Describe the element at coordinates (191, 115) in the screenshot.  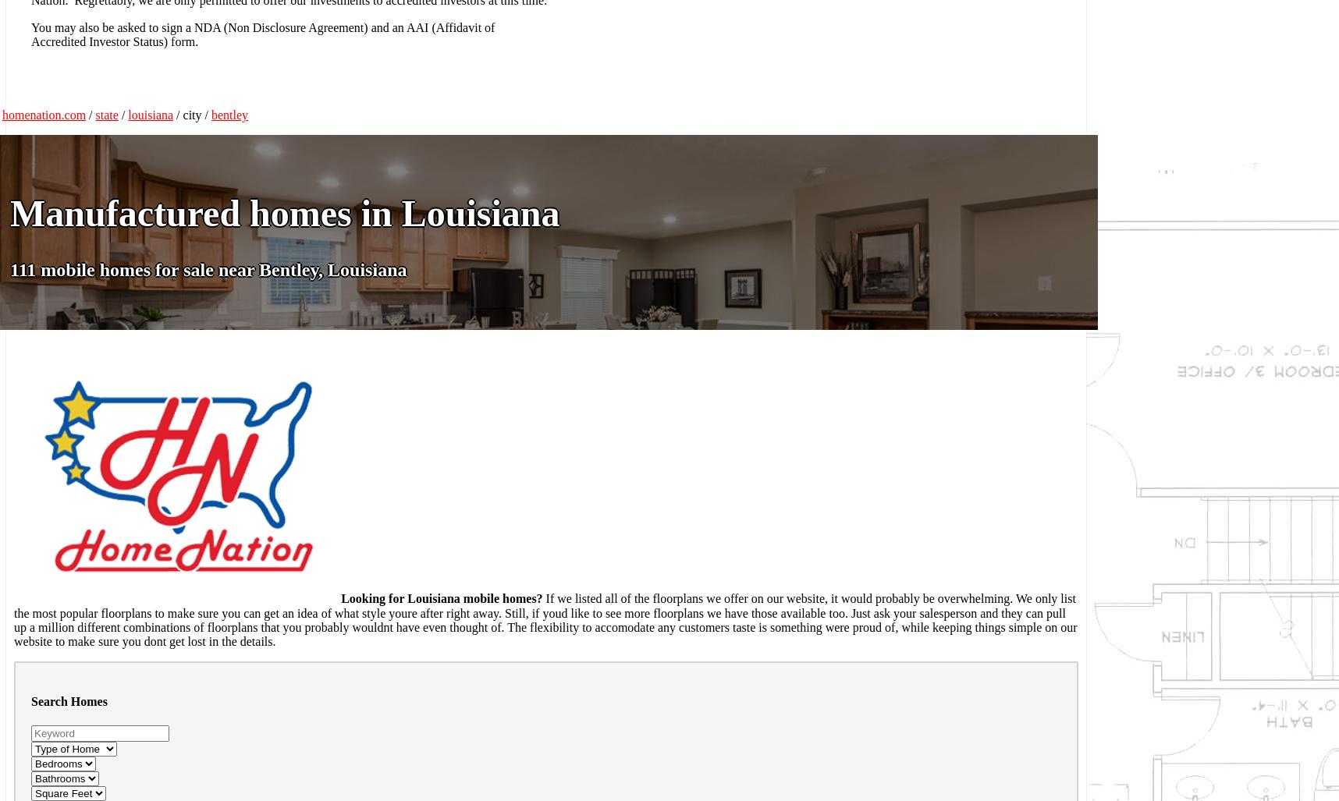
I see `'/ city /'` at that location.